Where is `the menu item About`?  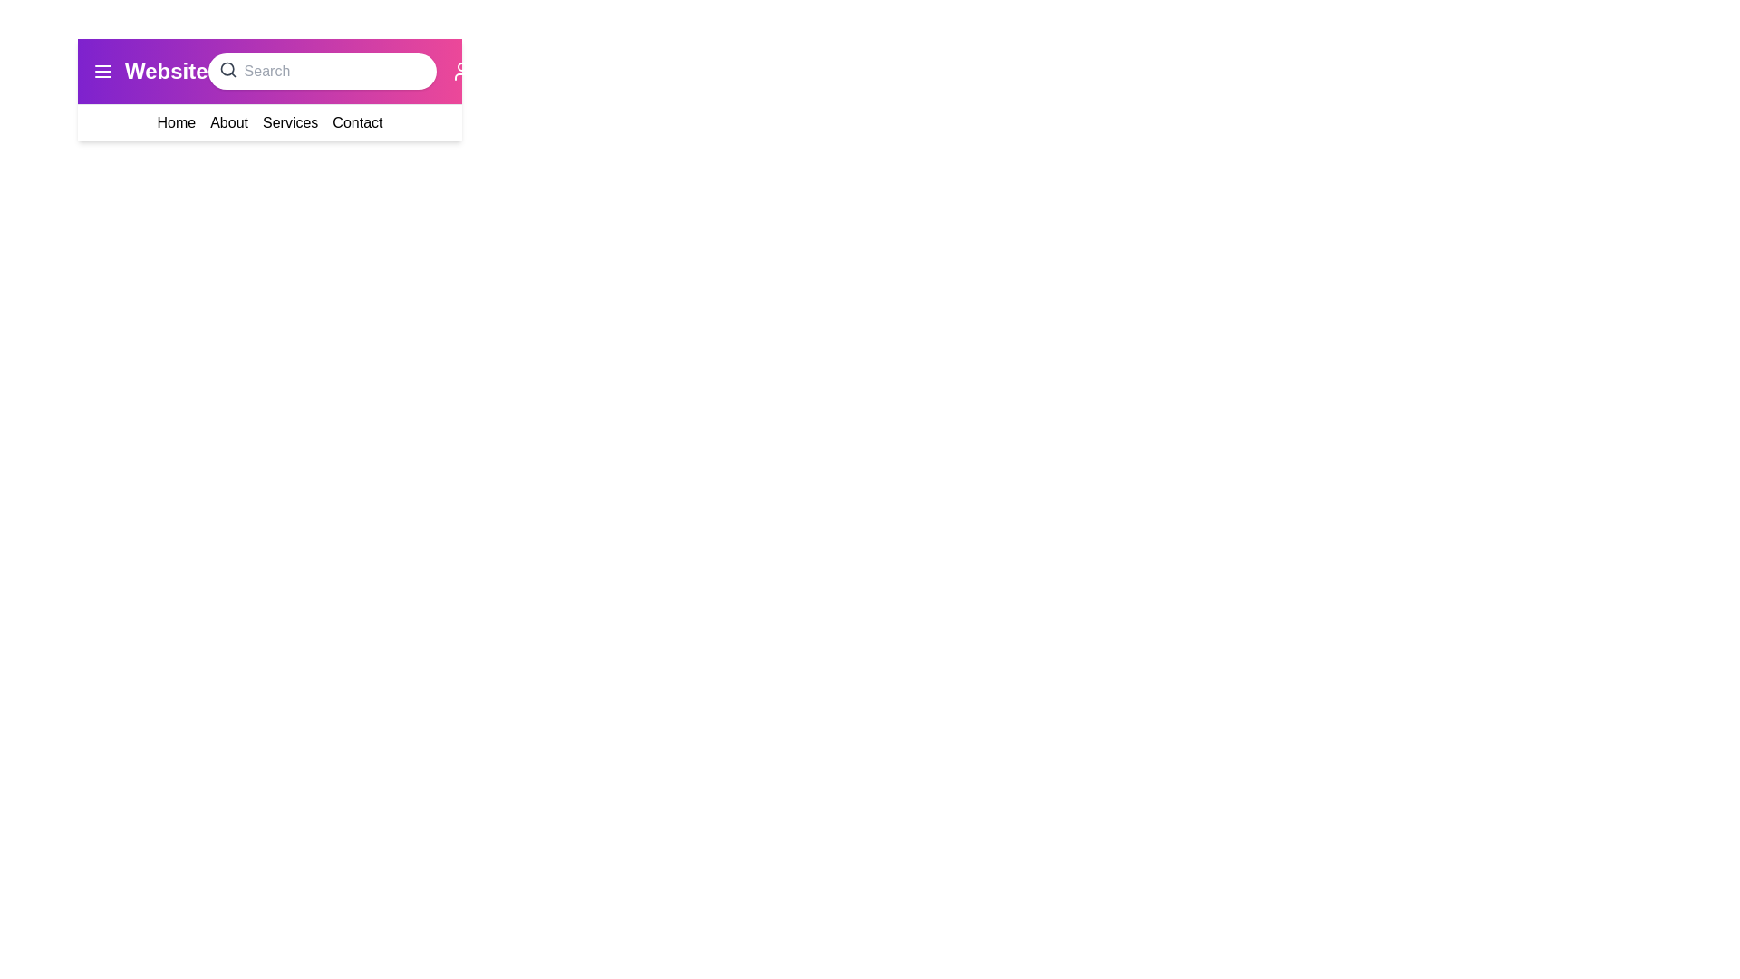 the menu item About is located at coordinates (228, 122).